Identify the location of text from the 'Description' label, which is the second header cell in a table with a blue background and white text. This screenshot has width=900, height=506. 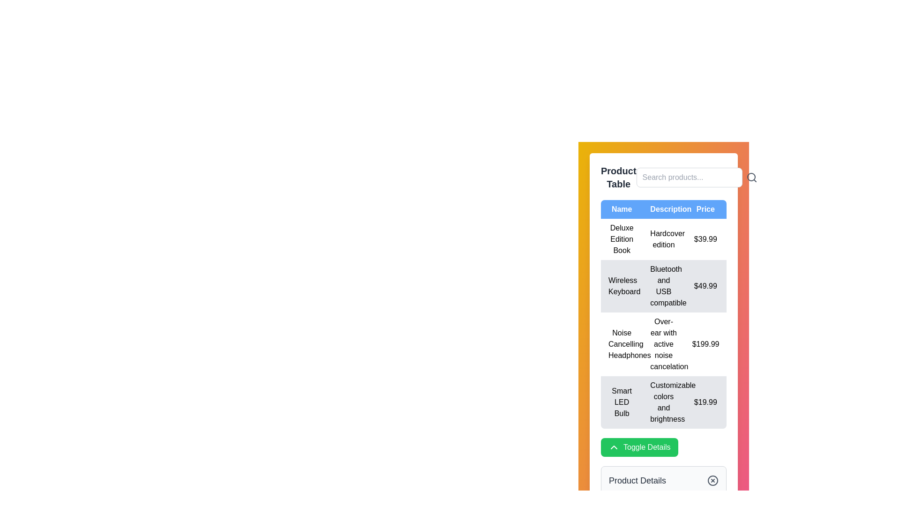
(663, 209).